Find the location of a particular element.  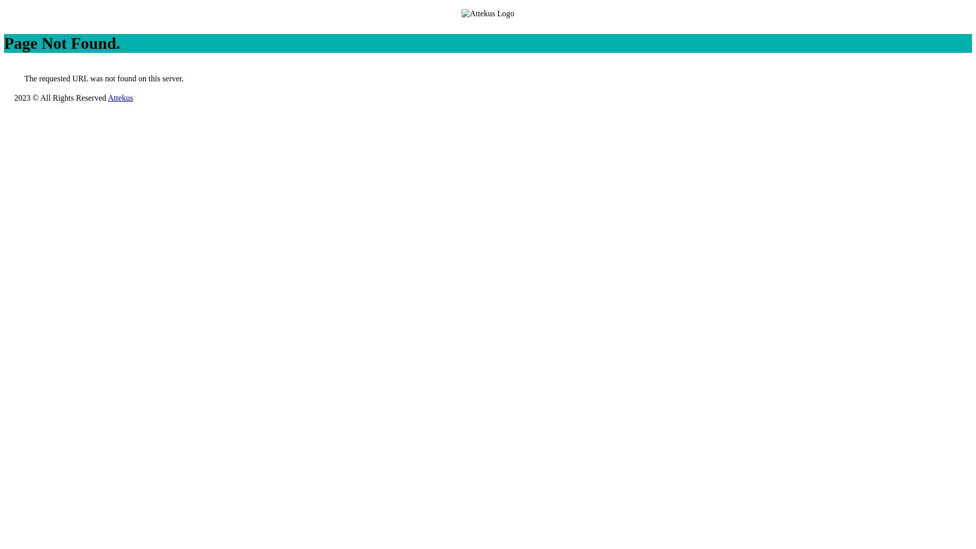

'Attekus' is located at coordinates (120, 98).